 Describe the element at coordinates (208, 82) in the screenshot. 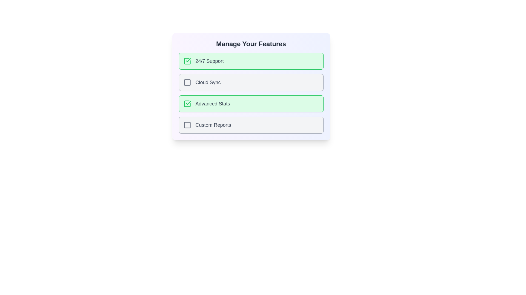

I see `text content of the 'Cloud Sync' text label, which is styled with medium-weight, large-sized gray text and located below '24/7 Support' and above 'Advanced Stats' in the 'Manage Your Features' section` at that location.